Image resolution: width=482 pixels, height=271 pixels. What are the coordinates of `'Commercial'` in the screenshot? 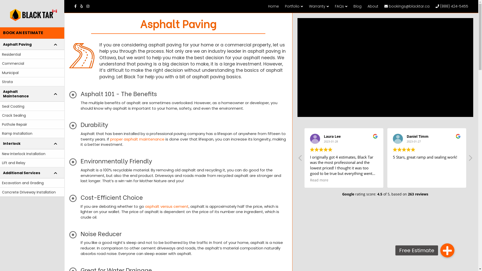 It's located at (0, 63).